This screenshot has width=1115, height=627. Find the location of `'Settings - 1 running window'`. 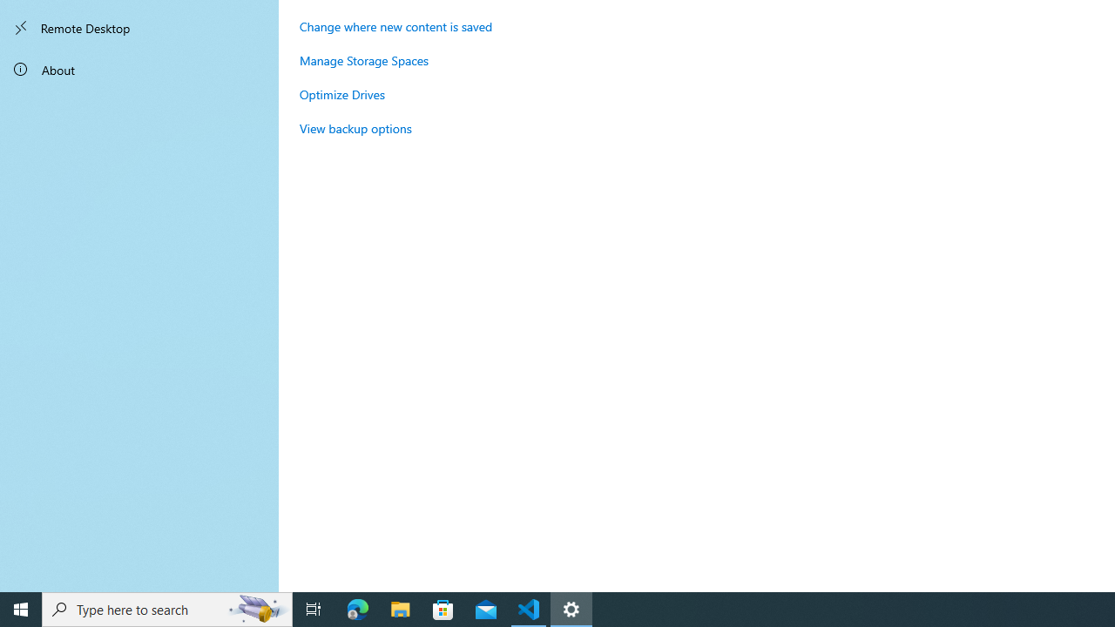

'Settings - 1 running window' is located at coordinates (571, 608).